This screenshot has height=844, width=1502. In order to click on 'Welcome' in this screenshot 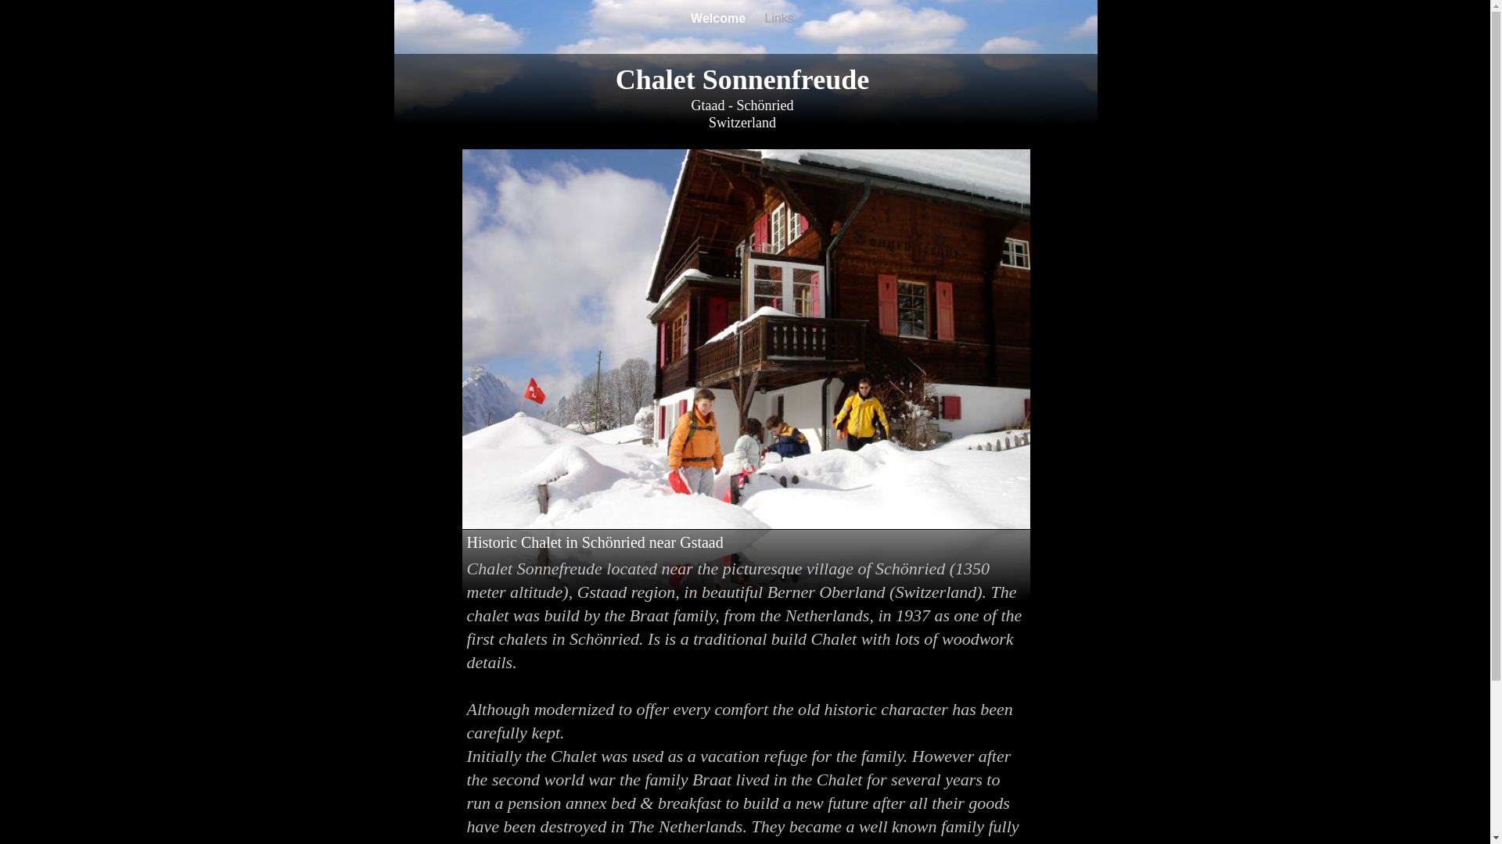, I will do `click(719, 18)`.